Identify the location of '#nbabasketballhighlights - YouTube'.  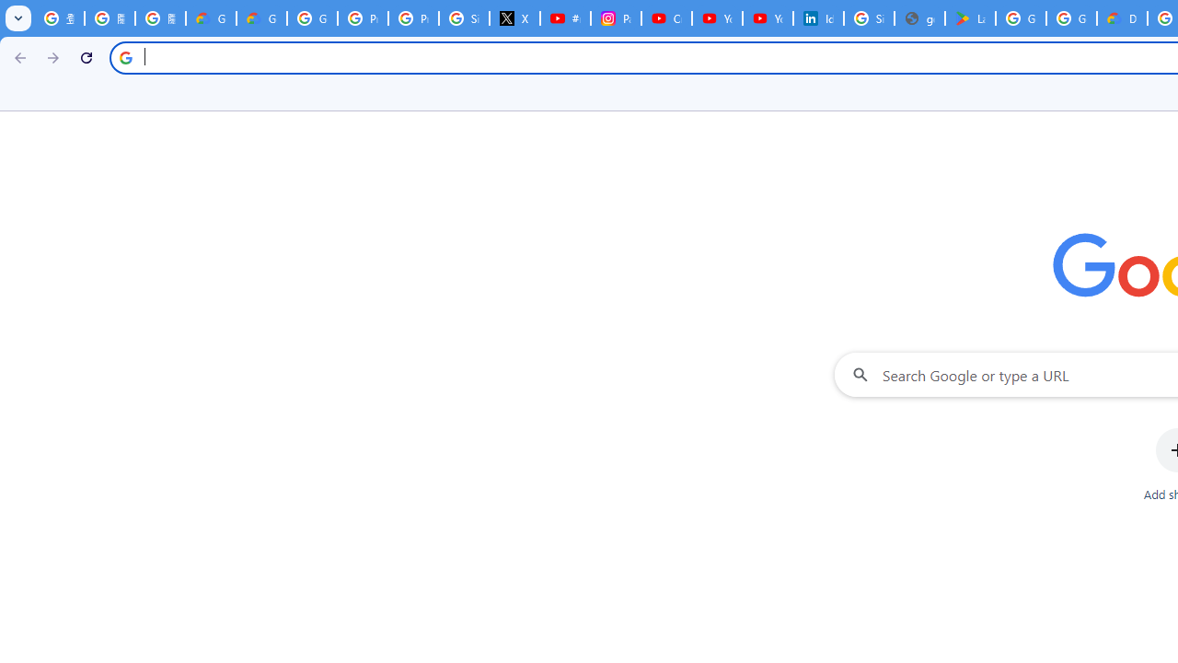
(565, 18).